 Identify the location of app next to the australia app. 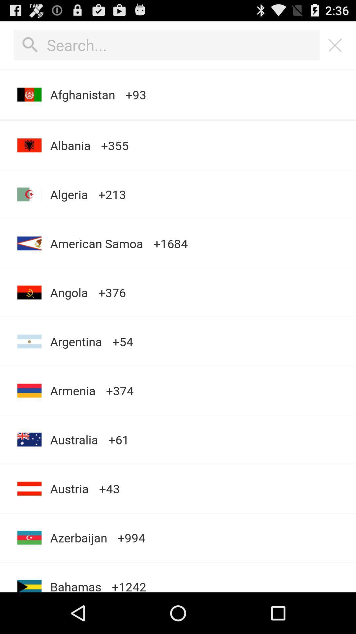
(119, 440).